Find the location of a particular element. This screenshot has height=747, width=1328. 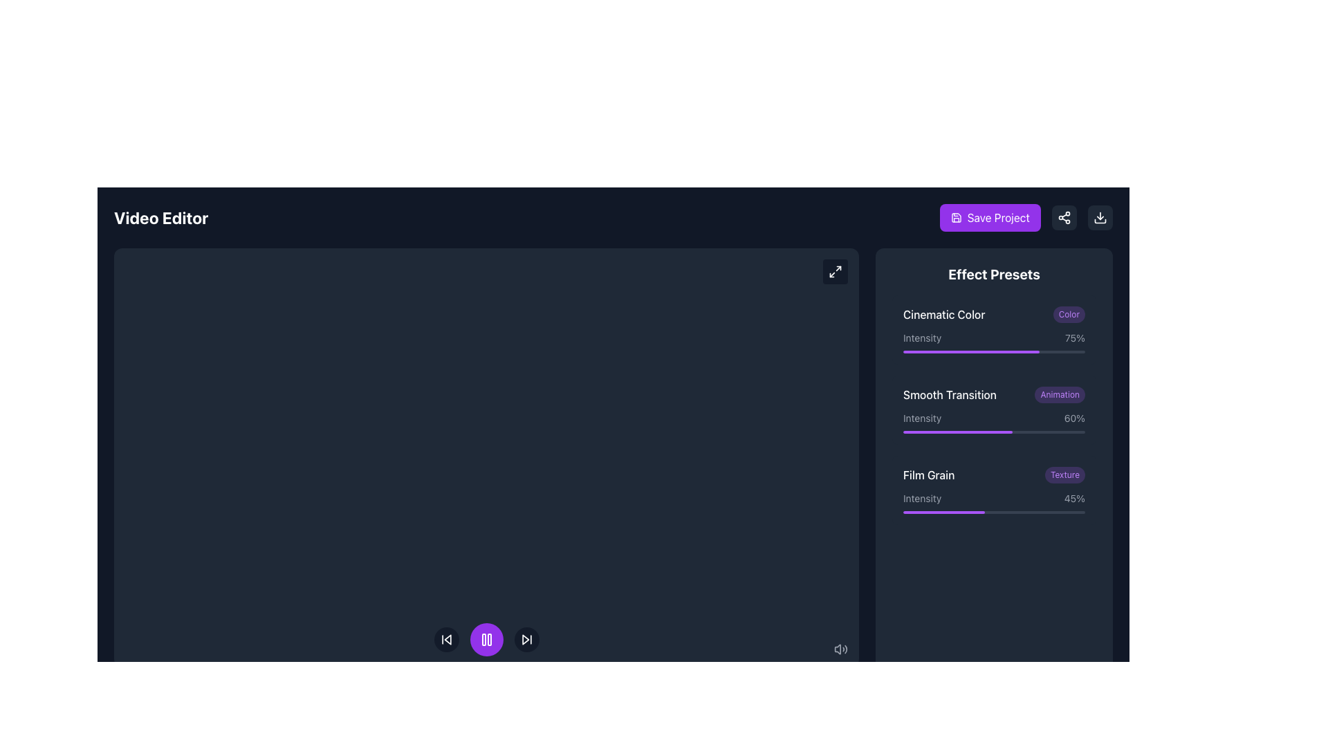

the intensity slider is located at coordinates (918, 512).